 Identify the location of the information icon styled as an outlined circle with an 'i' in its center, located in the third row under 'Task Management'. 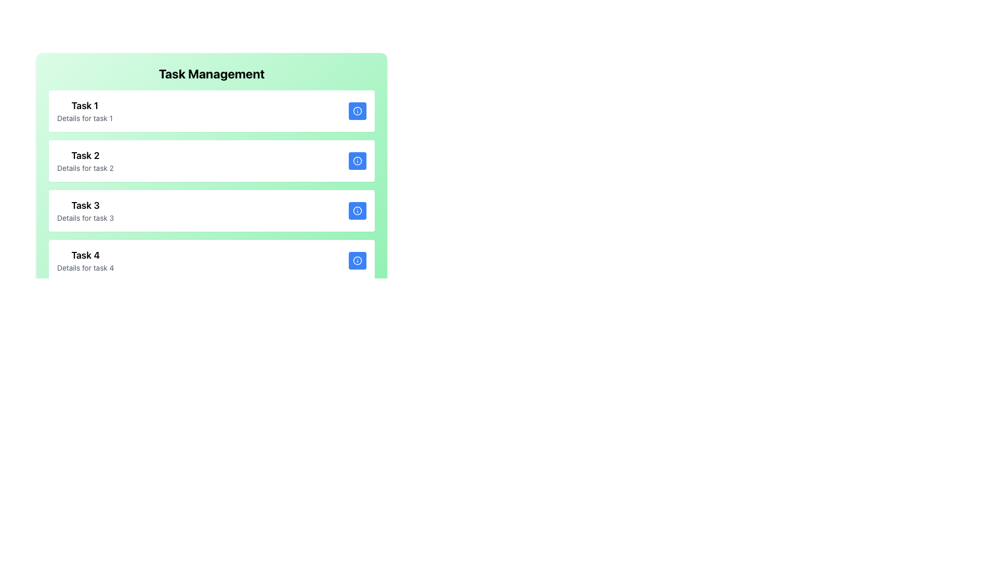
(357, 161).